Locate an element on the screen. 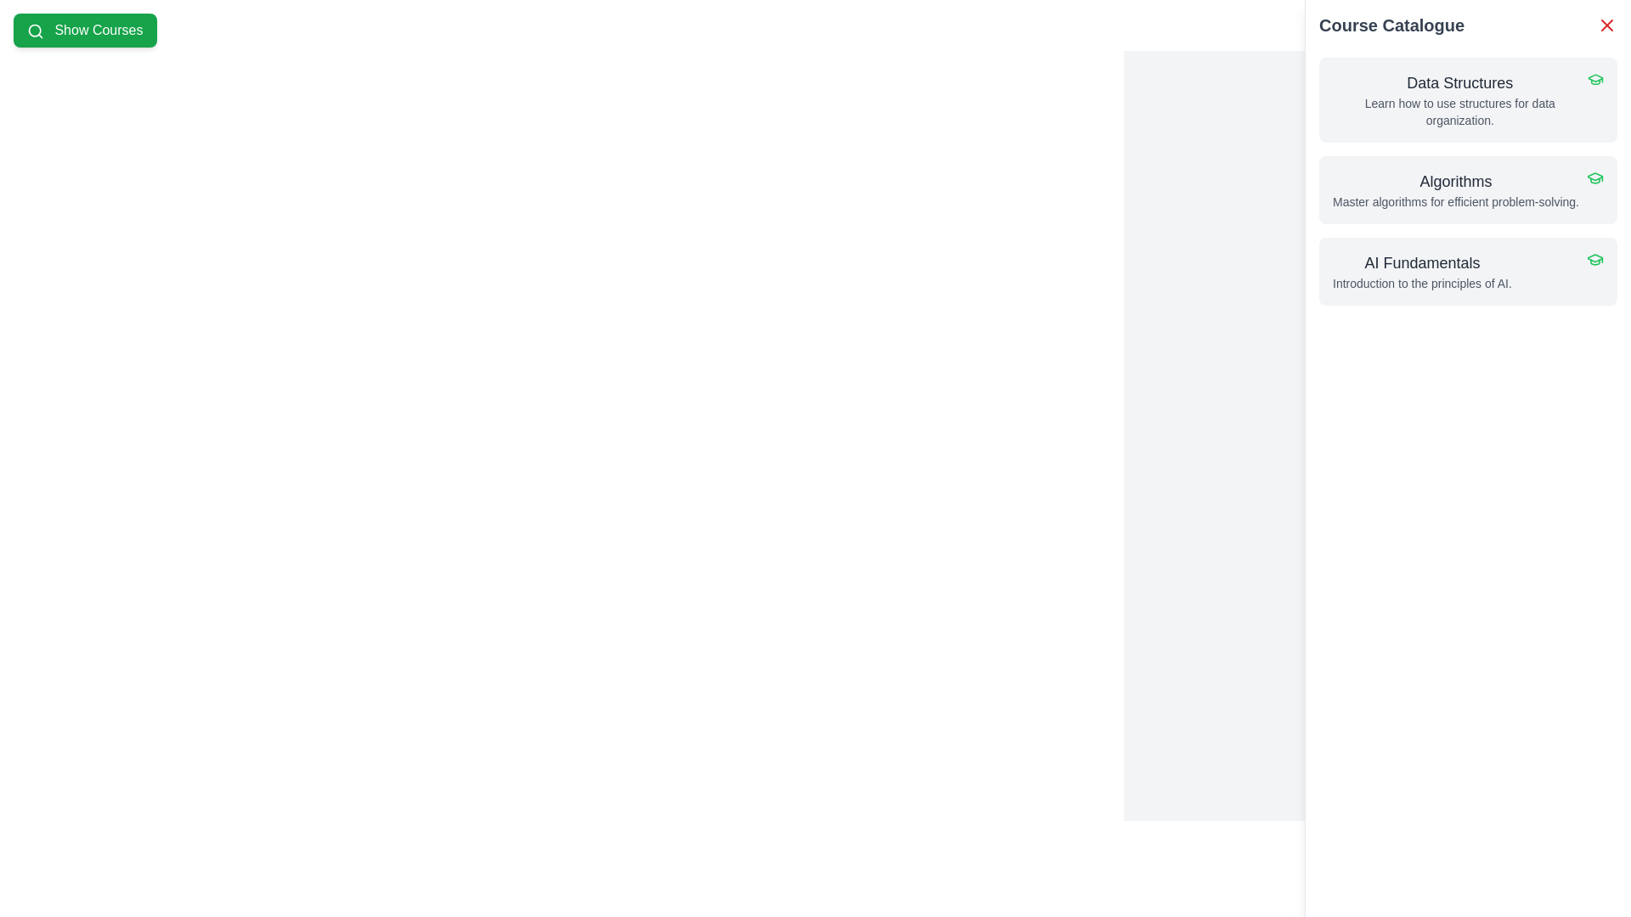 This screenshot has height=917, width=1631. icon representing the 'Data Structures' course, located at the rightmost part of the course module in the topmost item of the list is located at coordinates (1594, 79).